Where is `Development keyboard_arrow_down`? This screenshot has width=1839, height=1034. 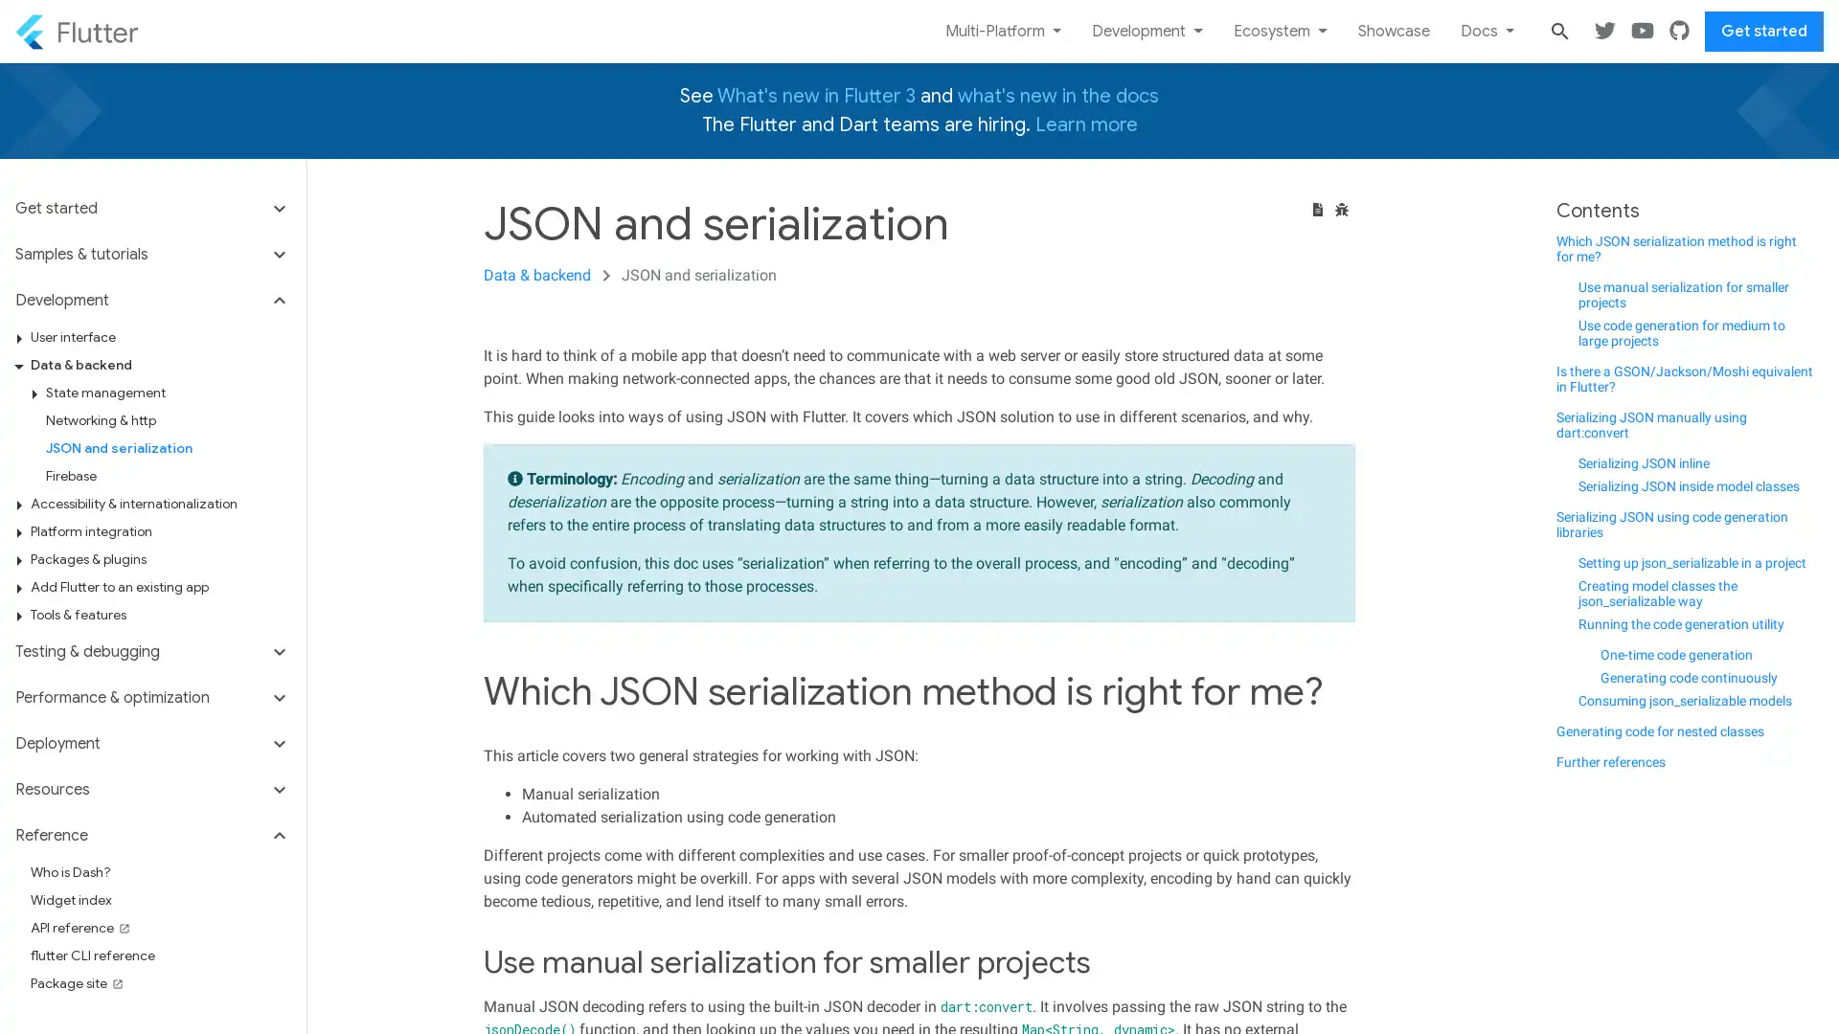 Development keyboard_arrow_down is located at coordinates (151, 300).